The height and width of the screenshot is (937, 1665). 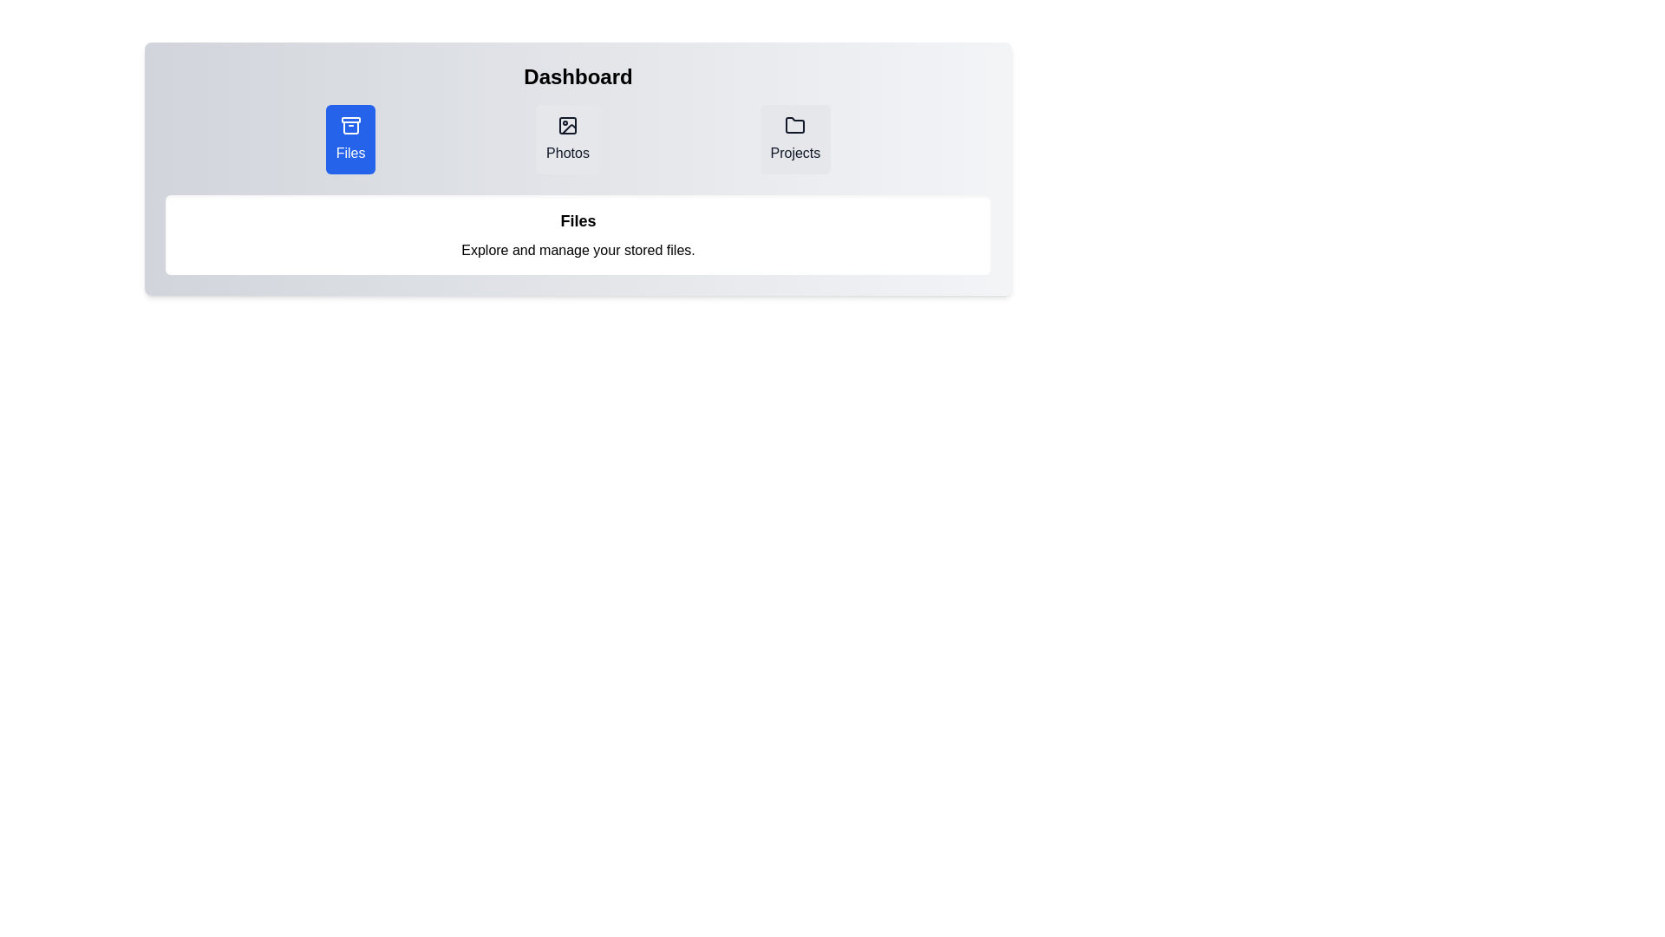 I want to click on the tab labeled Files to view its content, so click(x=349, y=139).